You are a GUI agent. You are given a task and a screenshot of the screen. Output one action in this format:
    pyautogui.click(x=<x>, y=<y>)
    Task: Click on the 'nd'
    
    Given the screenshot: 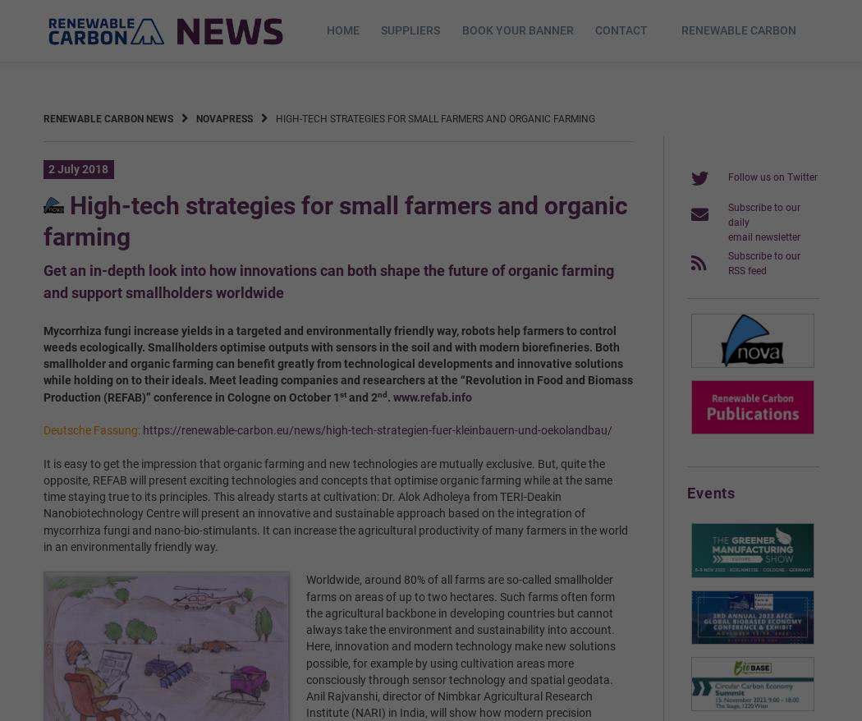 What is the action you would take?
    pyautogui.click(x=382, y=393)
    